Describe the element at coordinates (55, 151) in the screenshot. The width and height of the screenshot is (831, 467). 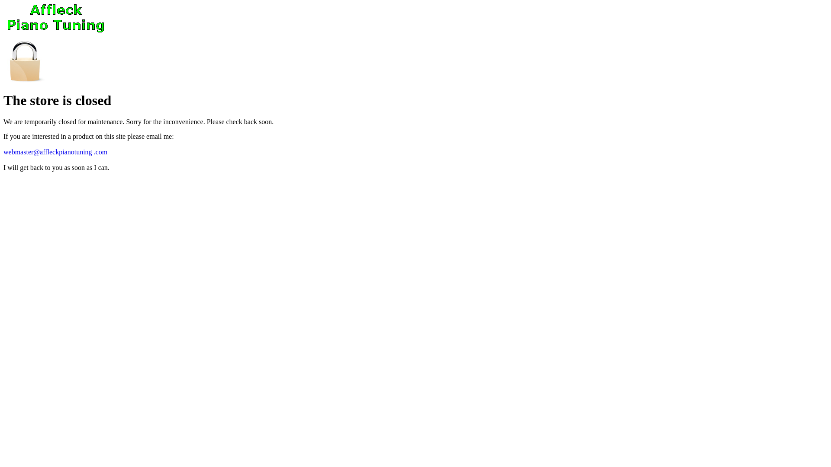
I see `'webmaster@affleckpianotuning .com '` at that location.